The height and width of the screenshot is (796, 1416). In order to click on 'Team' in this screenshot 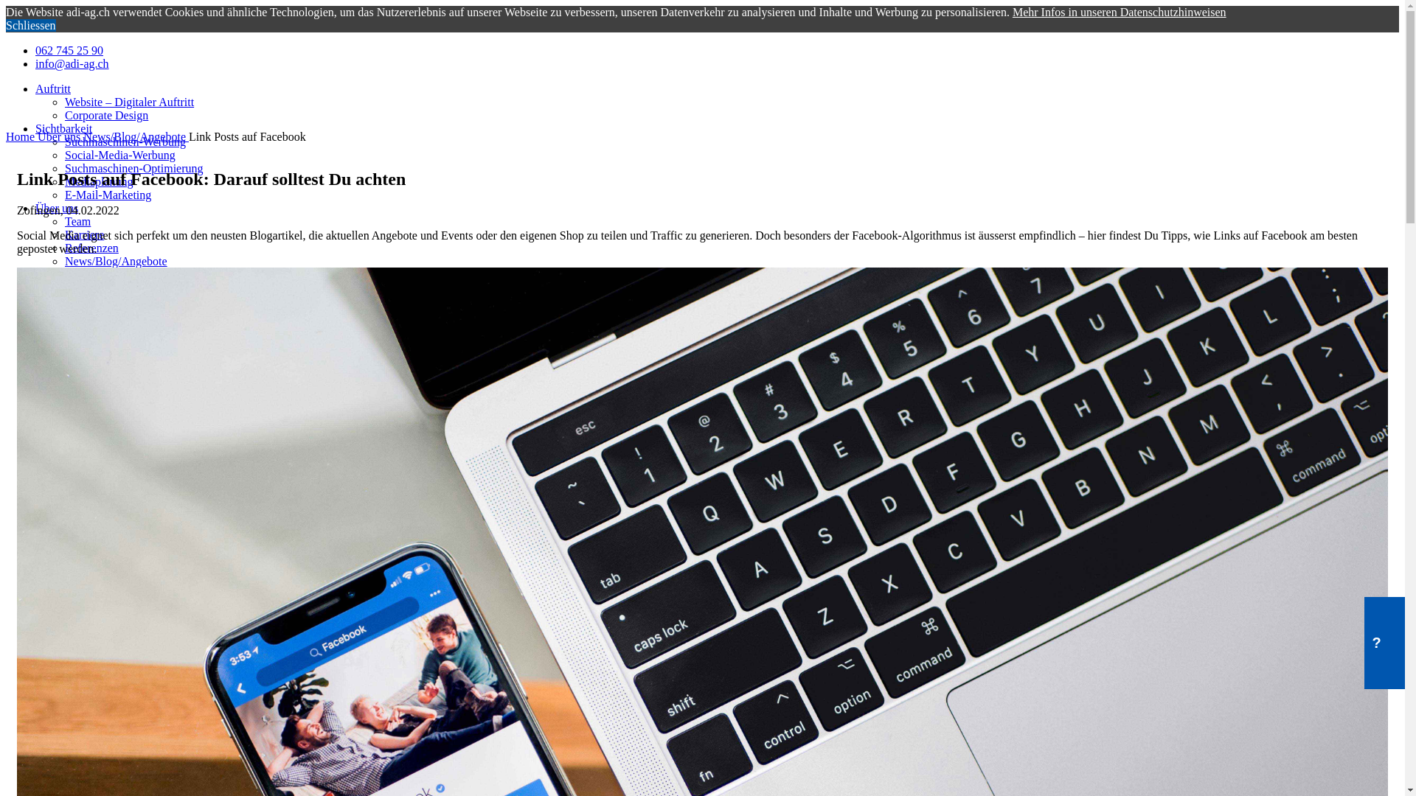, I will do `click(63, 221)`.